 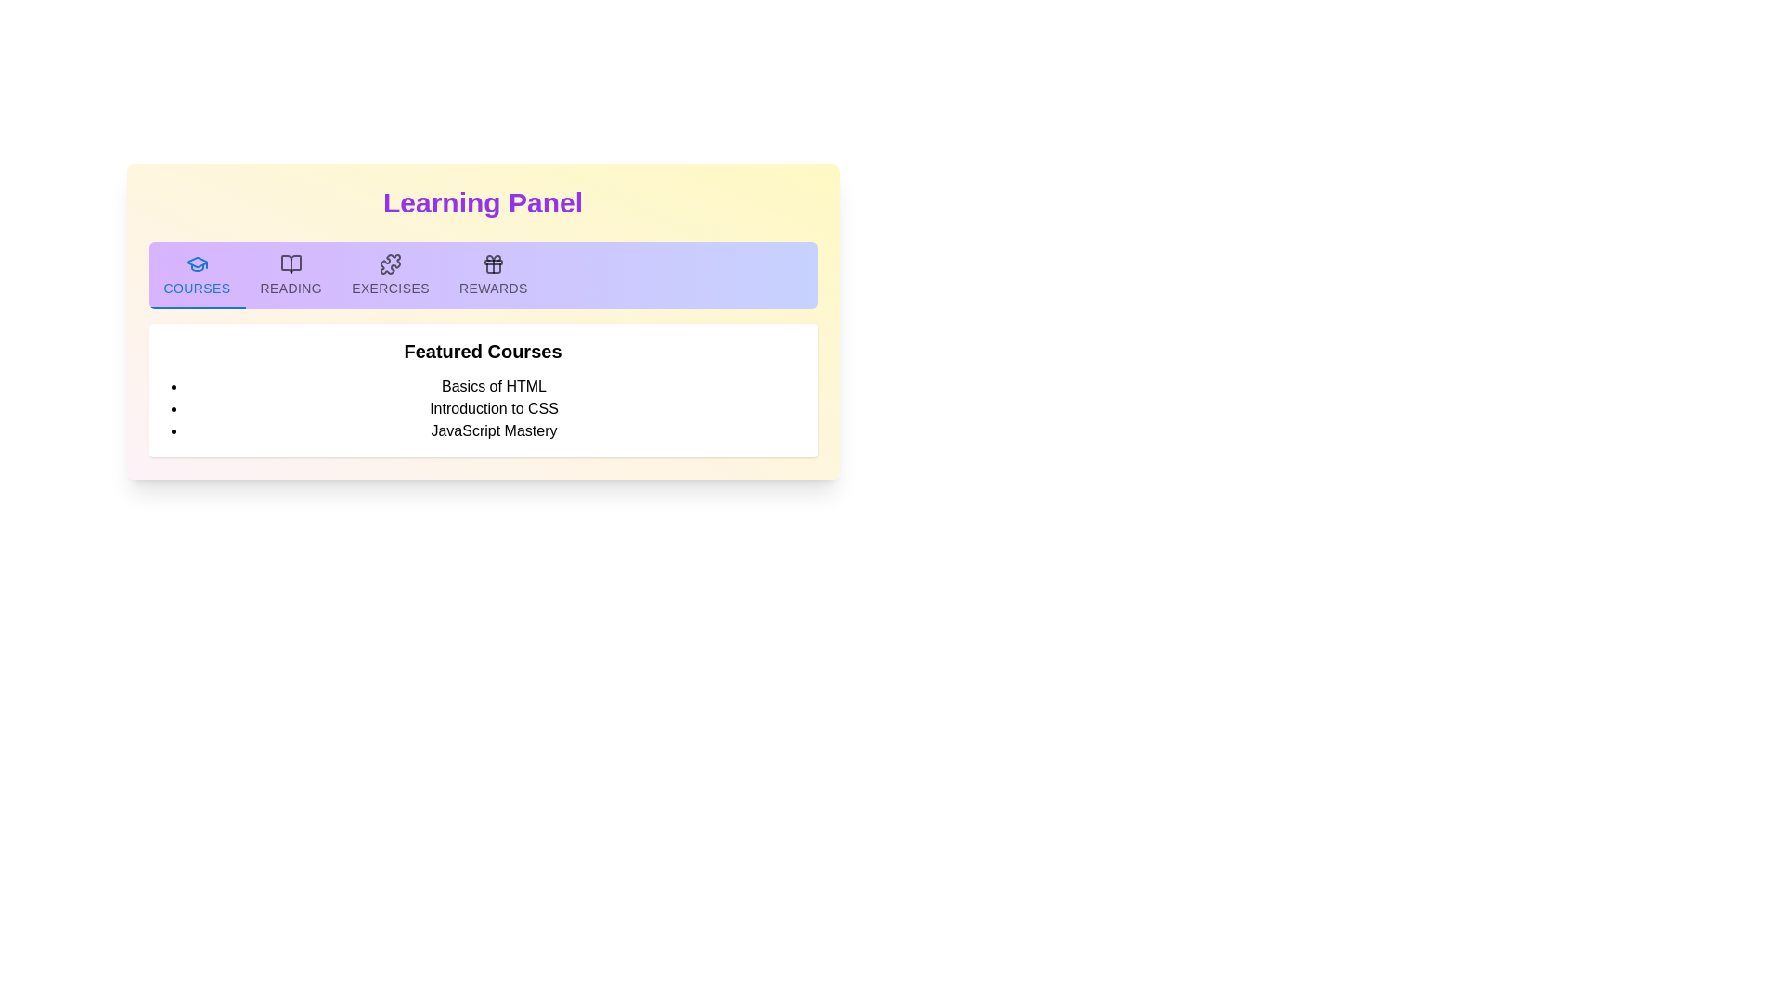 I want to click on the text label displaying 'Introduction to CSS', which is the second item in the ordered list under the 'Featured Courses' heading, so click(x=494, y=407).